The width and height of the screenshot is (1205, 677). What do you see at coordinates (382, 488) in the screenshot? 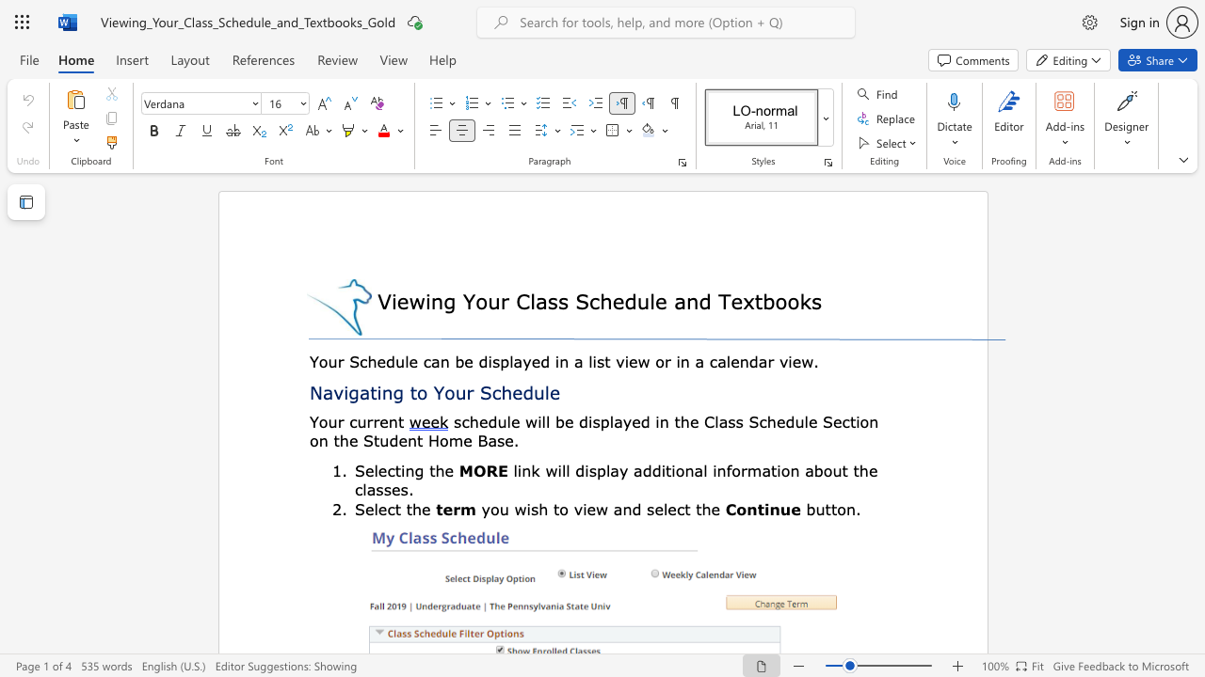
I see `the subset text "ses" within the text "information about the classes."` at bounding box center [382, 488].